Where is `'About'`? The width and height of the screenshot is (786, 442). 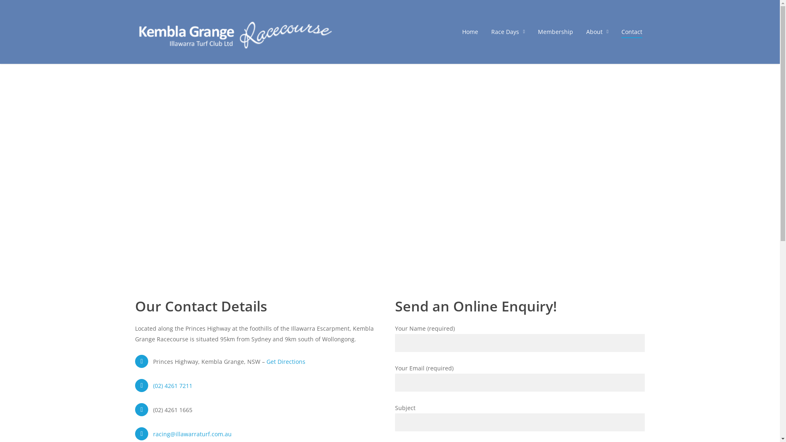 'About' is located at coordinates (597, 31).